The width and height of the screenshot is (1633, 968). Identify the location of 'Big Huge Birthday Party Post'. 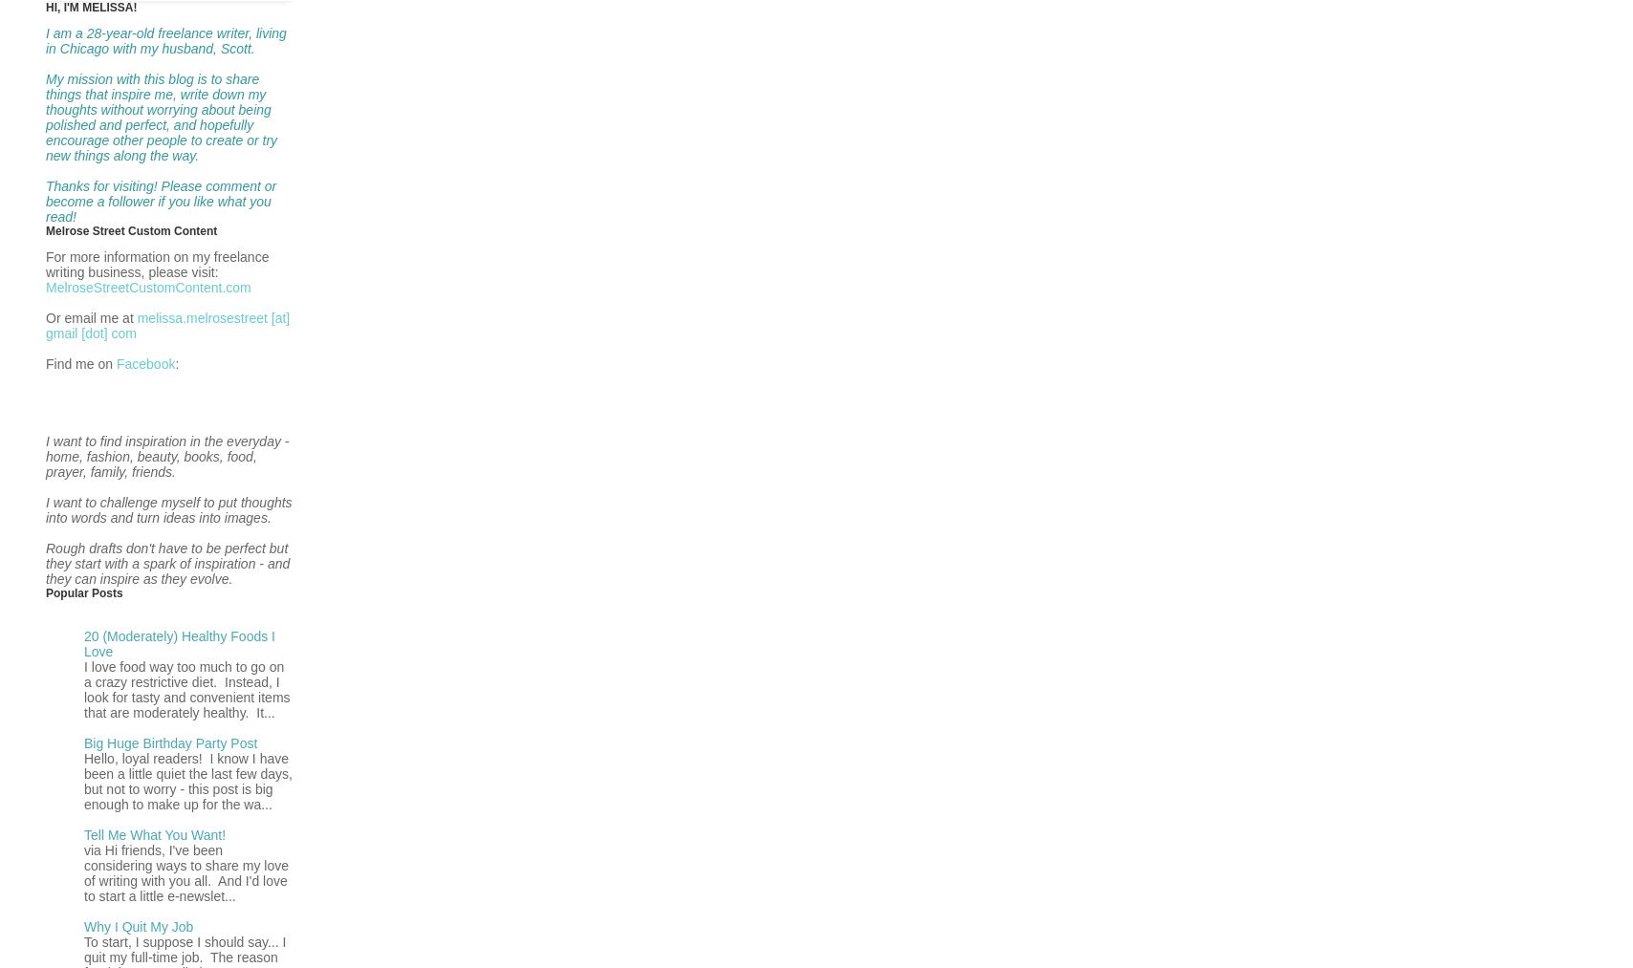
(170, 742).